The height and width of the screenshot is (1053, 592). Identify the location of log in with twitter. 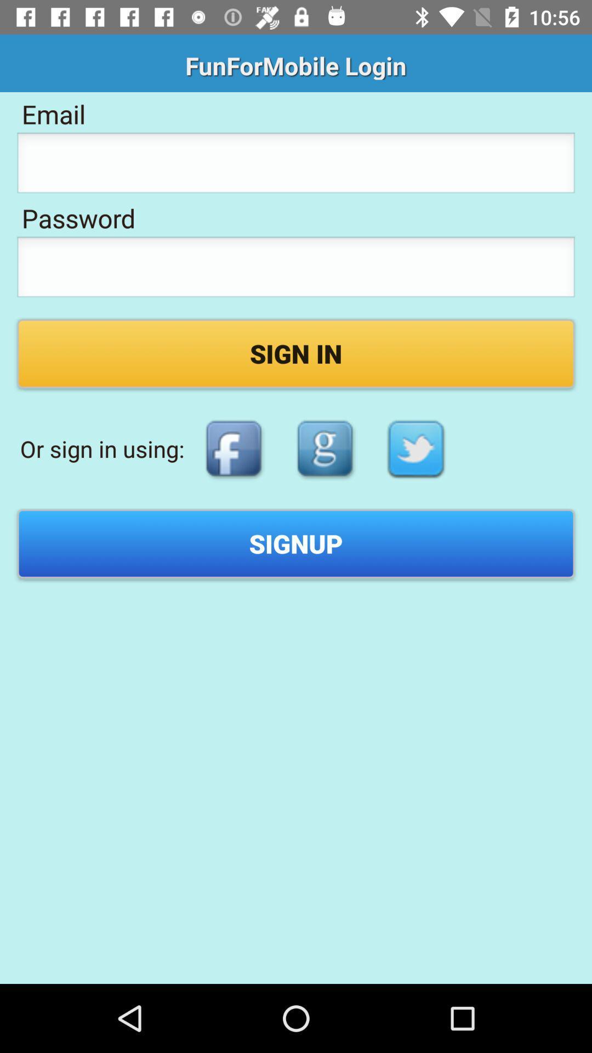
(416, 449).